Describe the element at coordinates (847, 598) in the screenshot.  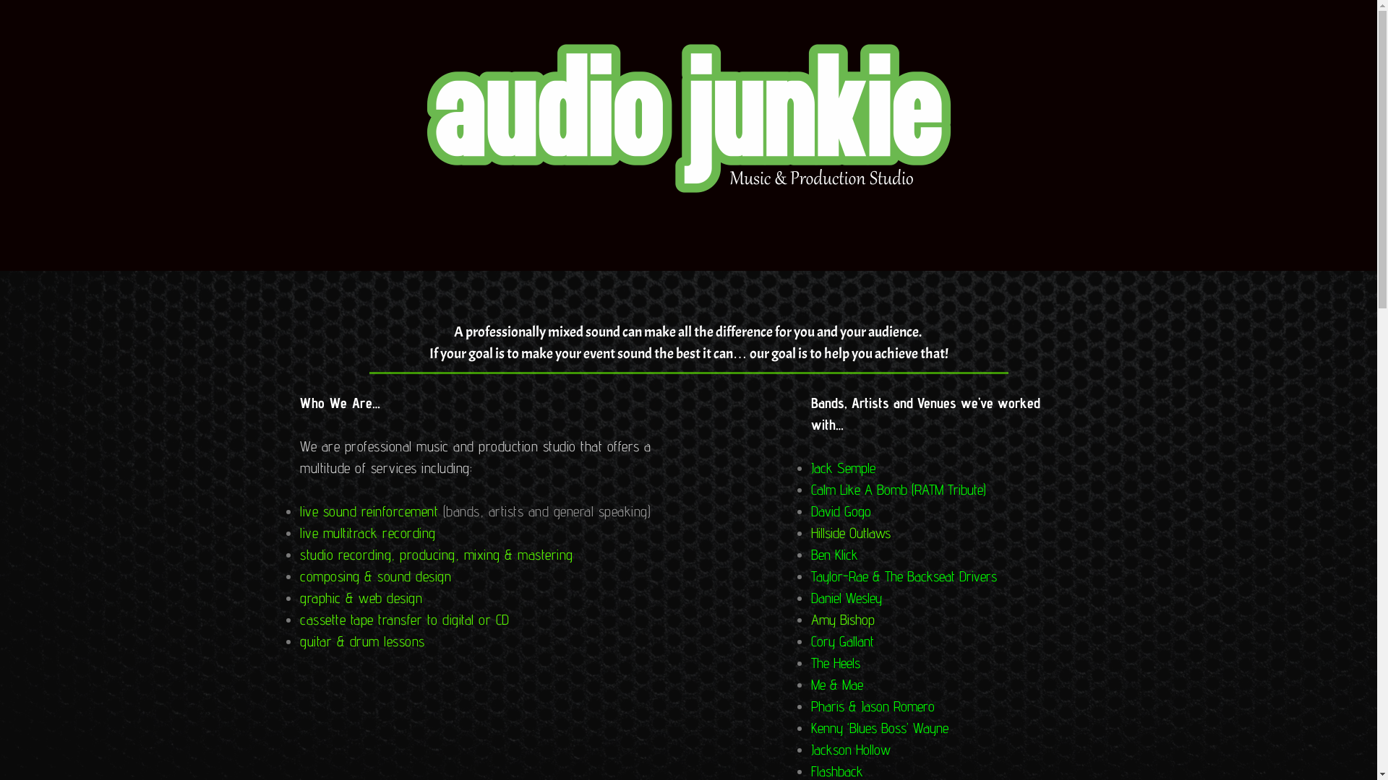
I see `'Daniel Wesley'` at that location.